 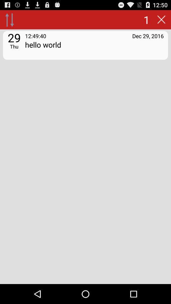 What do you see at coordinates (14, 46) in the screenshot?
I see `the icon to the left of hello world app` at bounding box center [14, 46].